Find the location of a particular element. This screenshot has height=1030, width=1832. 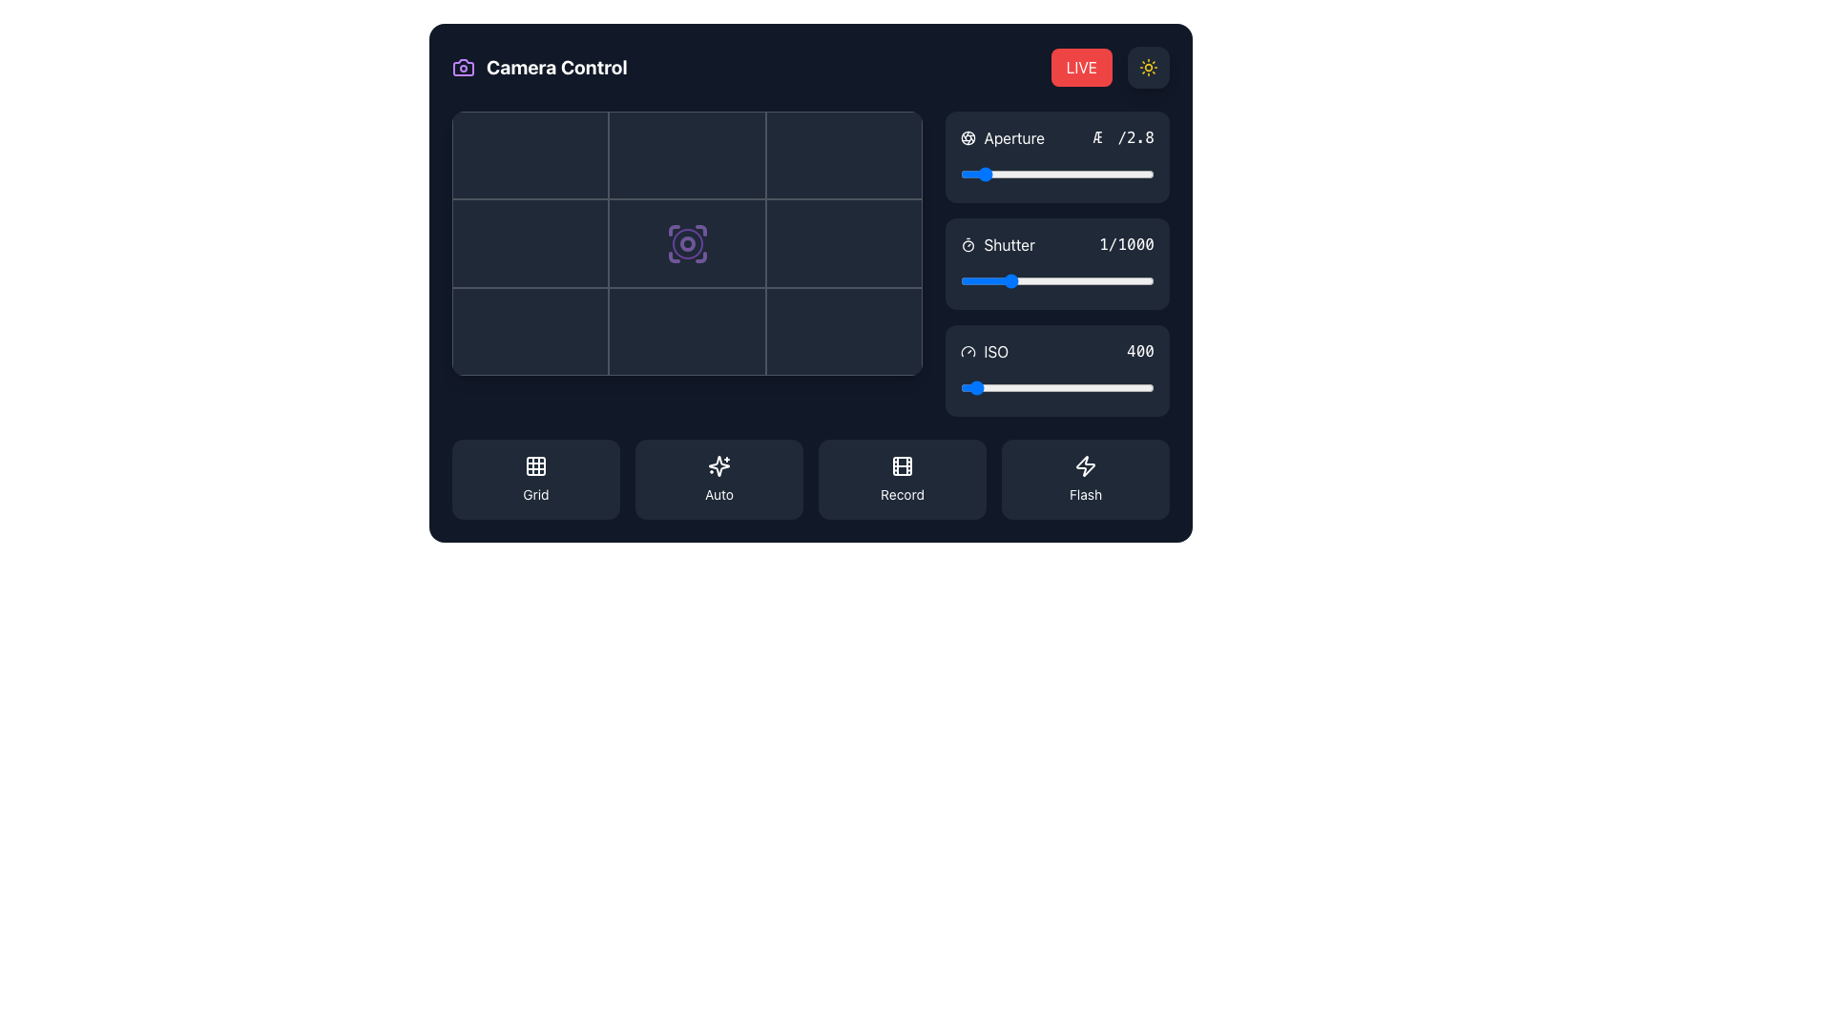

the shutter speed value is located at coordinates (1067, 280).